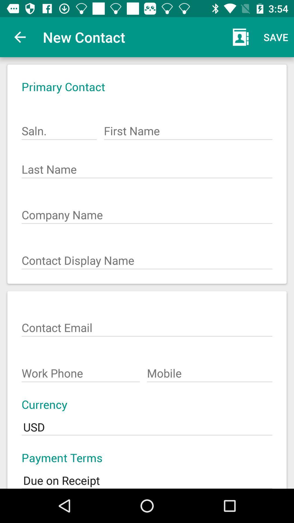 The width and height of the screenshot is (294, 523). What do you see at coordinates (240, 37) in the screenshot?
I see `item next to the new contact item` at bounding box center [240, 37].